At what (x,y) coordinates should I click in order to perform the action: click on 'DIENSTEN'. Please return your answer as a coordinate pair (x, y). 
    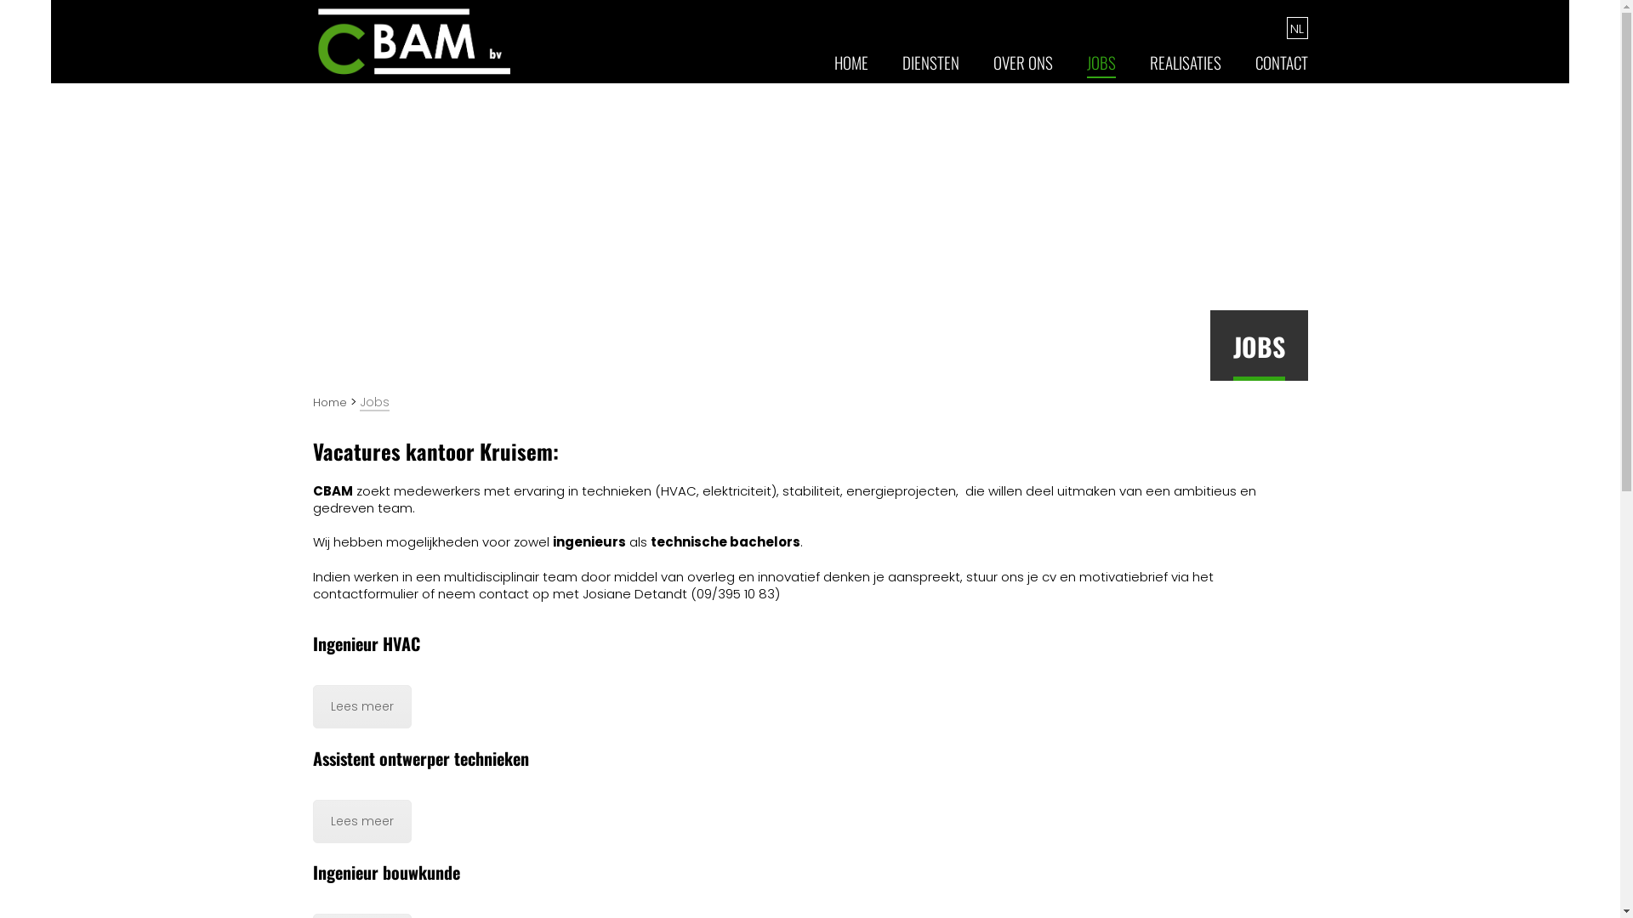
    Looking at the image, I should click on (929, 68).